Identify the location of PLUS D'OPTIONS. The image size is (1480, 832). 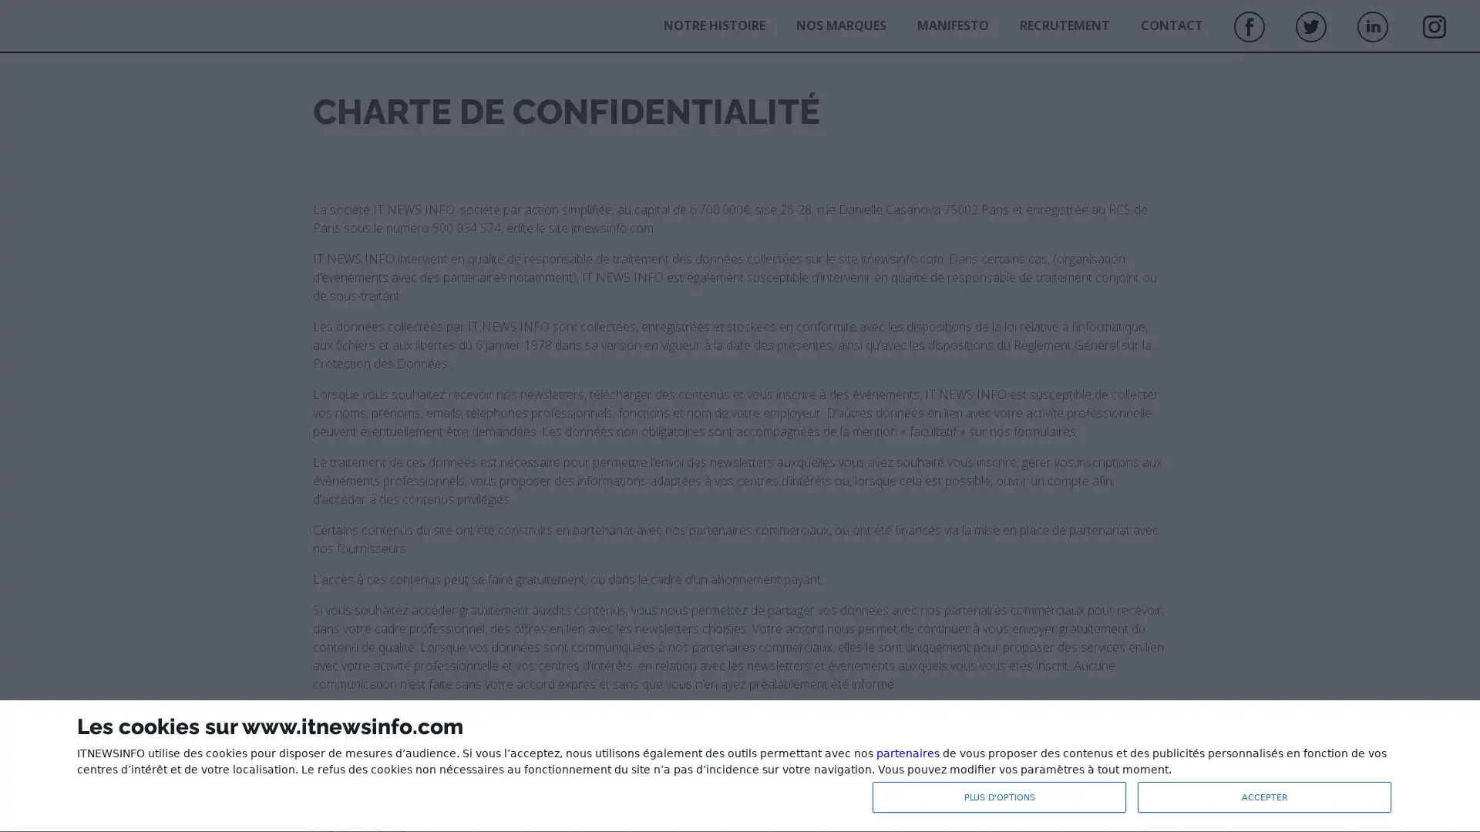
(999, 797).